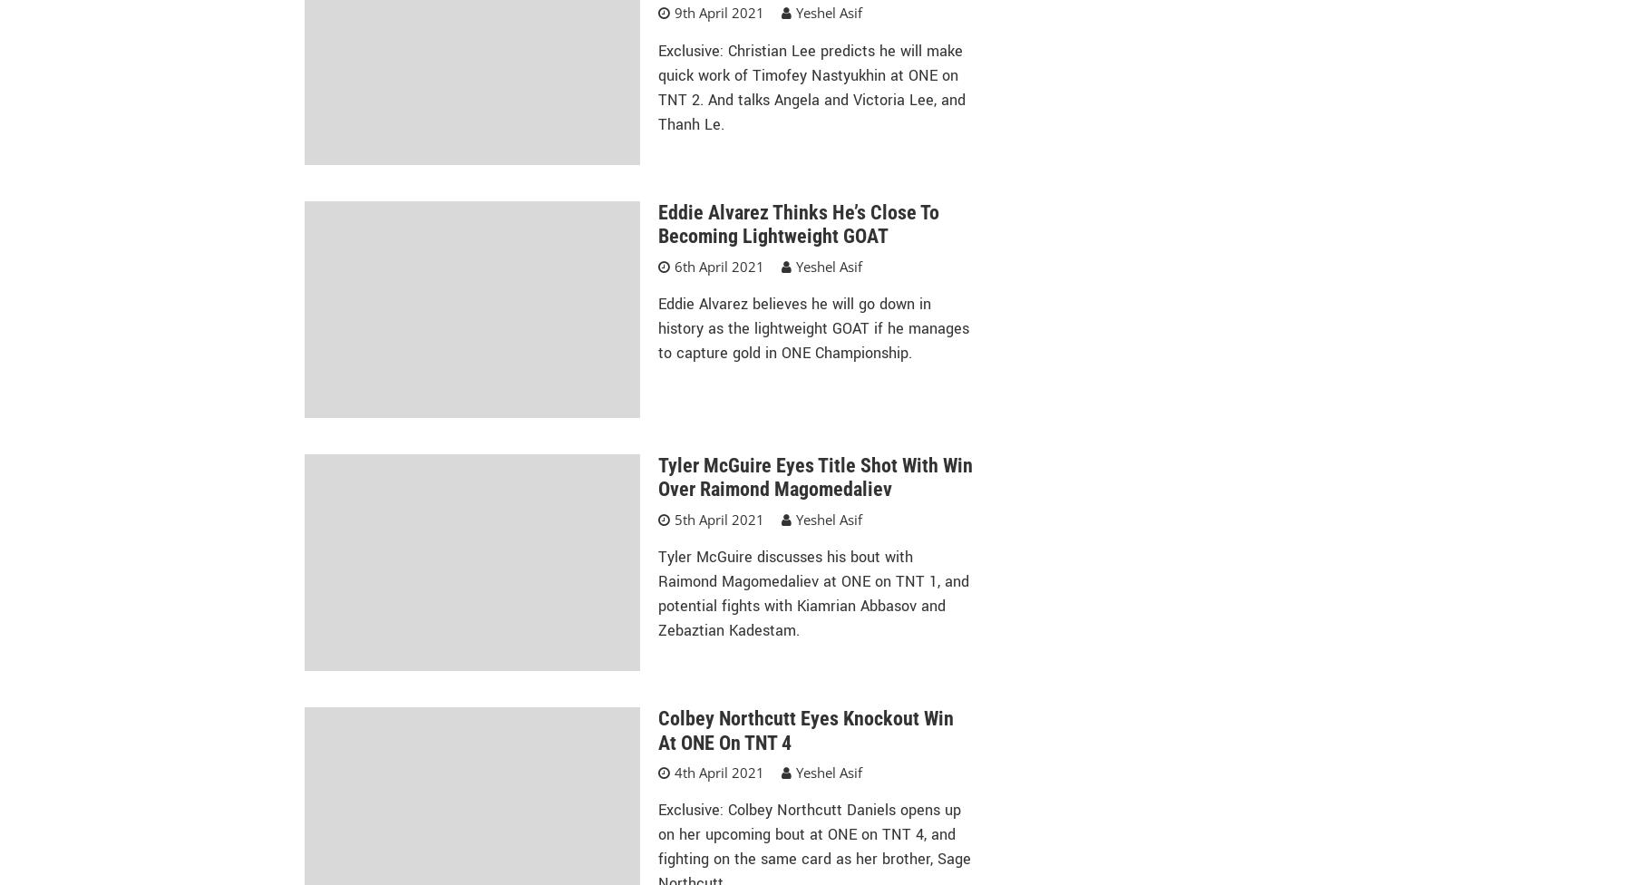  Describe the element at coordinates (797, 224) in the screenshot. I see `'Eddie Alvarez Thinks He’s Close To Becoming Lightweight GOAT'` at that location.